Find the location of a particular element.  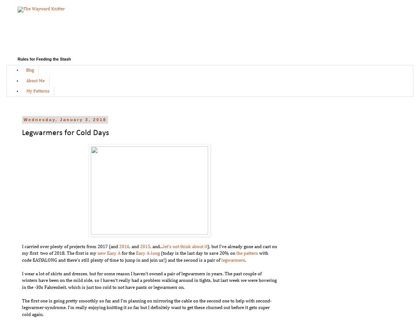

'), but I've already gone and cast on my first  two of 2018. The first is my' is located at coordinates (149, 250).